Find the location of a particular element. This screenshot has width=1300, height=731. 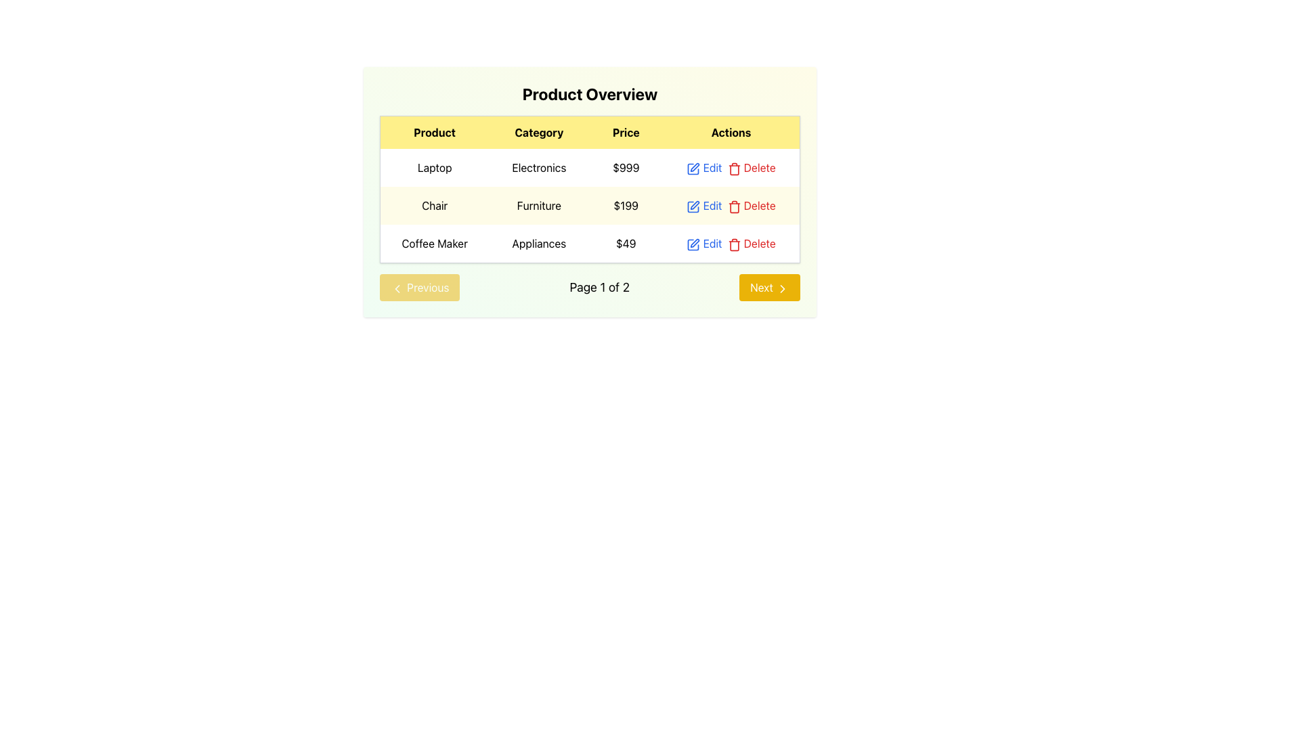

the 'Product' column header in the table, which is located at the top-left of the table structure, directly left of the 'Category' header is located at coordinates (434, 132).